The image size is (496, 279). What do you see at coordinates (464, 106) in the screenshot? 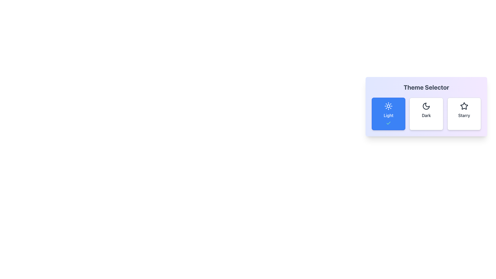
I see `the star-shaped icon button located on the rightmost side of the three-button group` at bounding box center [464, 106].